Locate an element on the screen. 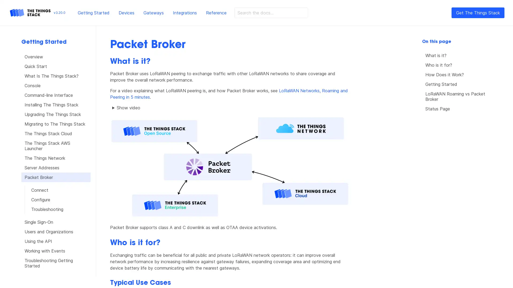 The height and width of the screenshot is (288, 513). Open Intercom Messenger is located at coordinates (499, 274).